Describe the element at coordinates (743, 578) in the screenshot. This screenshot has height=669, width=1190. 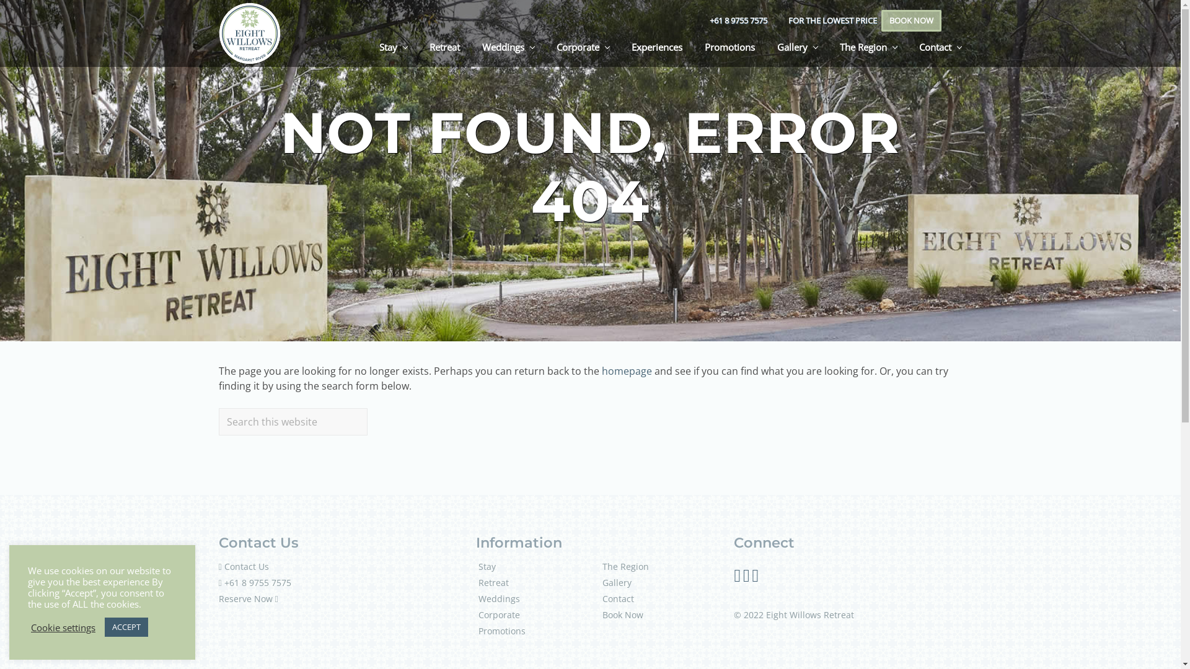
I see `'Follow Us on Instagram'` at that location.